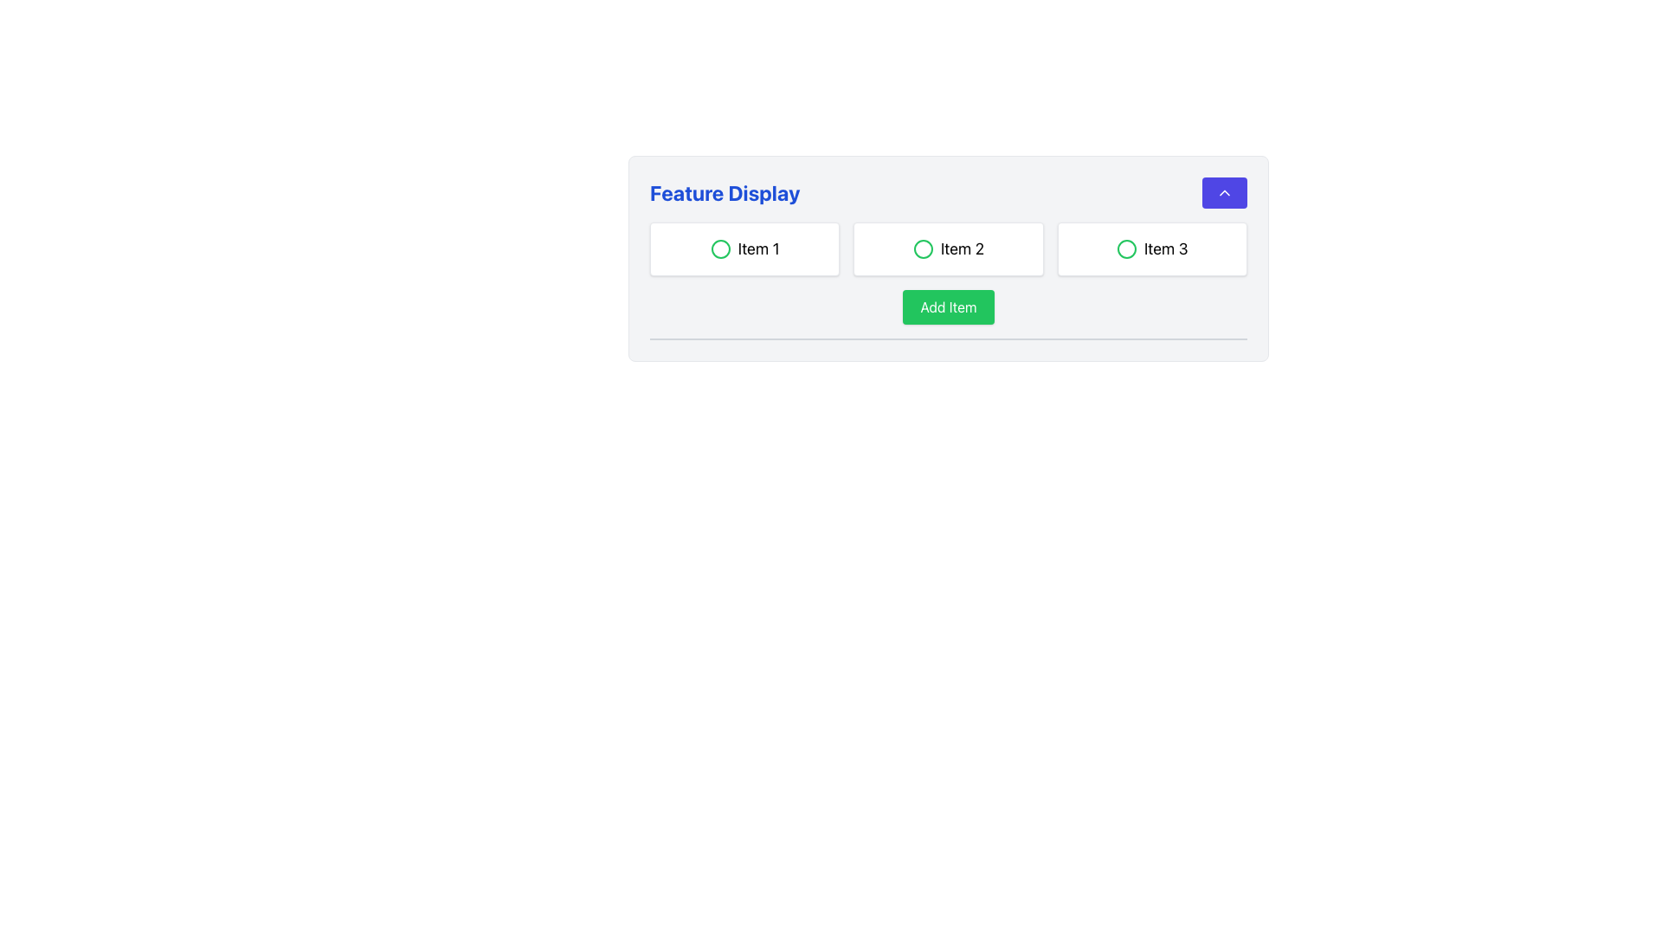 This screenshot has width=1662, height=935. I want to click on the selectable card labeled 'Item 3' with a green circled icon, which is the third card in a horizontal sequence within the 'Feature Display' layout, so click(1152, 249).